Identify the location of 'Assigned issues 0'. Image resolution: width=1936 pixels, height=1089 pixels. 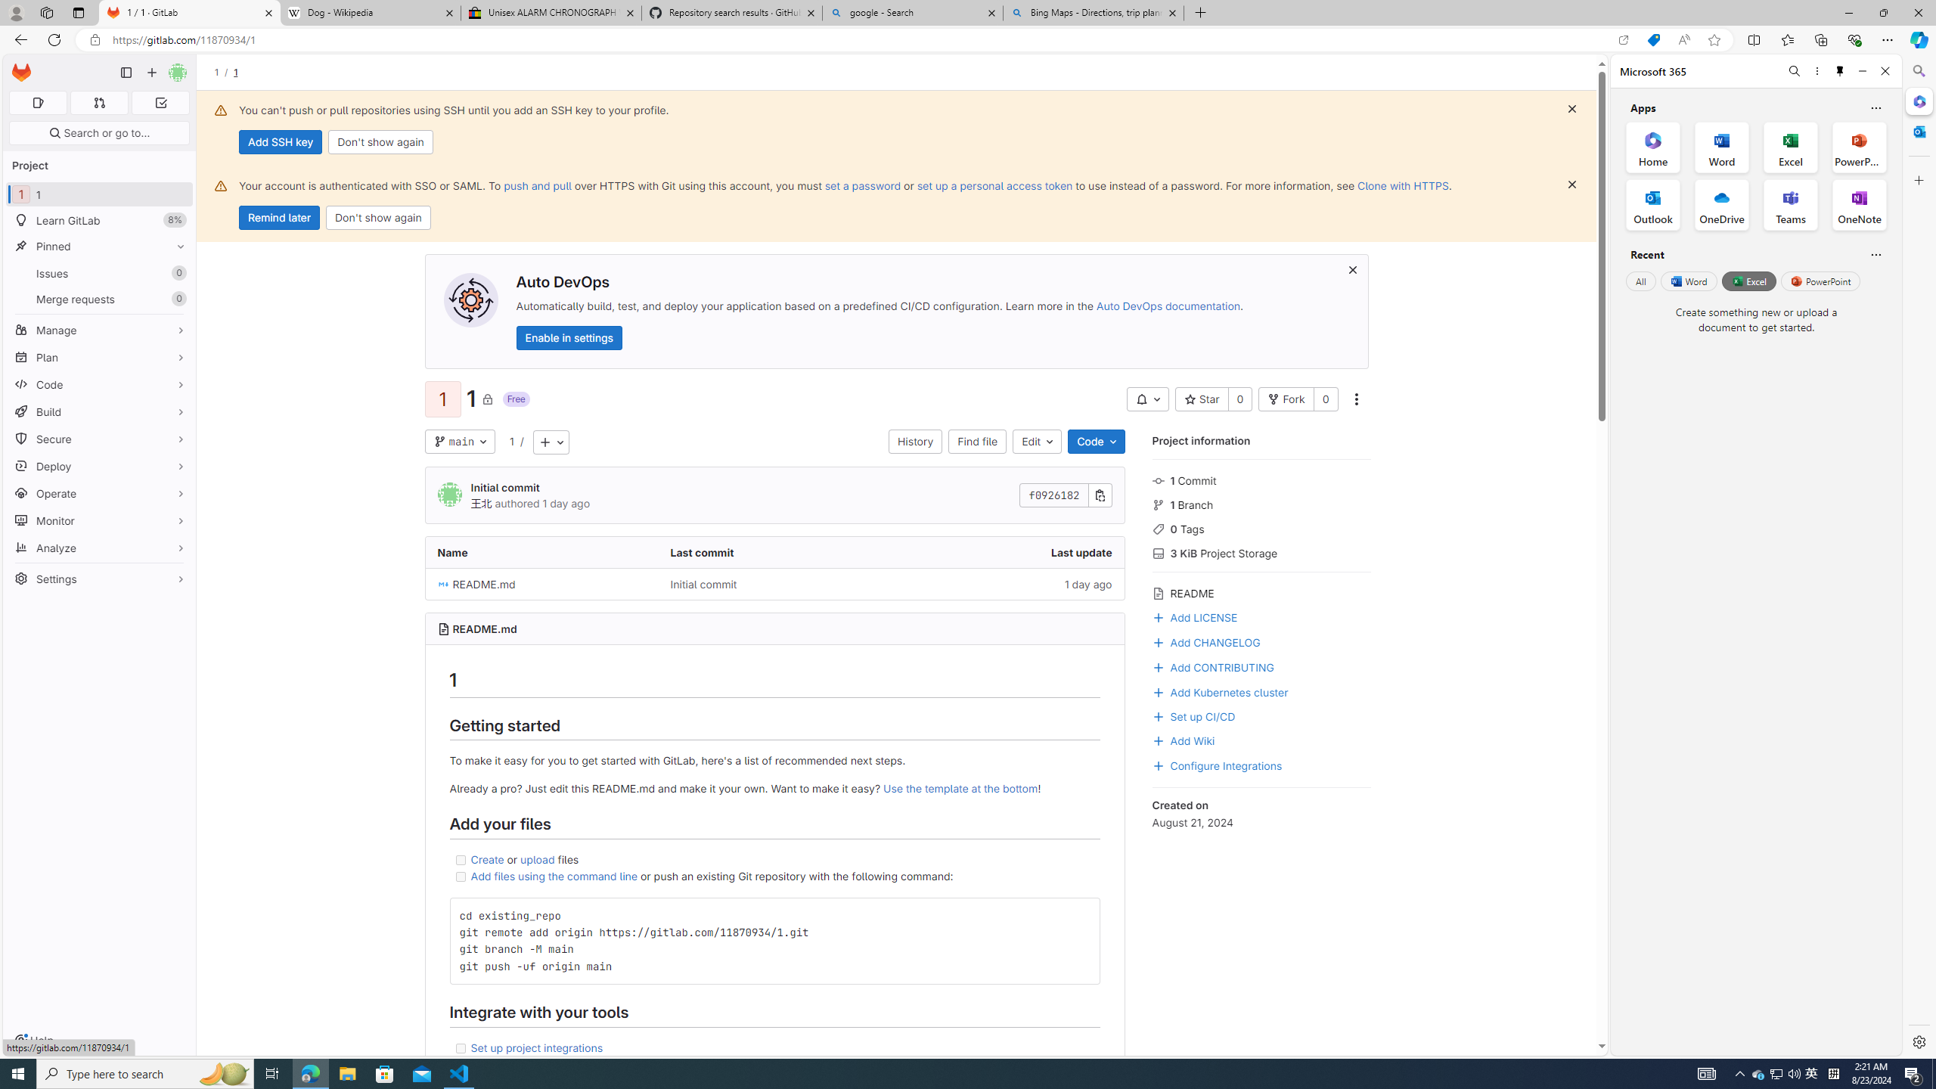
(38, 102).